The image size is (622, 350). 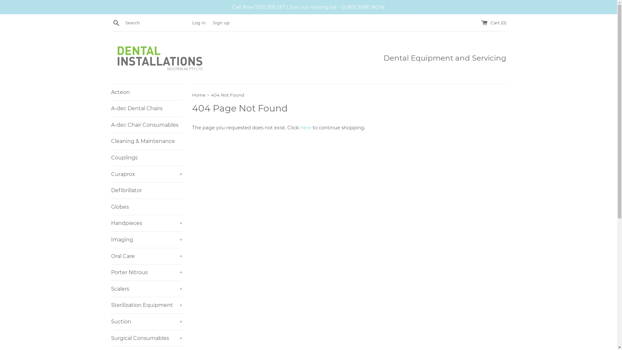 What do you see at coordinates (198, 22) in the screenshot?
I see `'Log in'` at bounding box center [198, 22].